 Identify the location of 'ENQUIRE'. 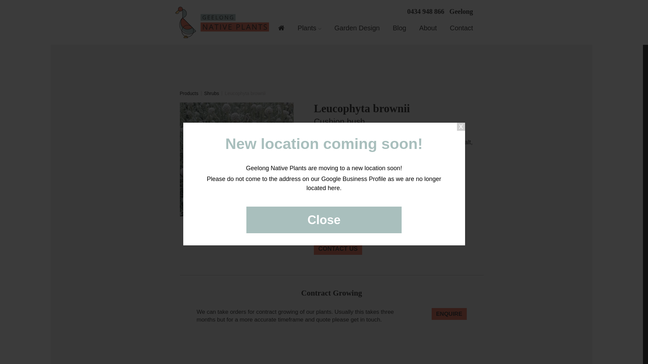
(449, 314).